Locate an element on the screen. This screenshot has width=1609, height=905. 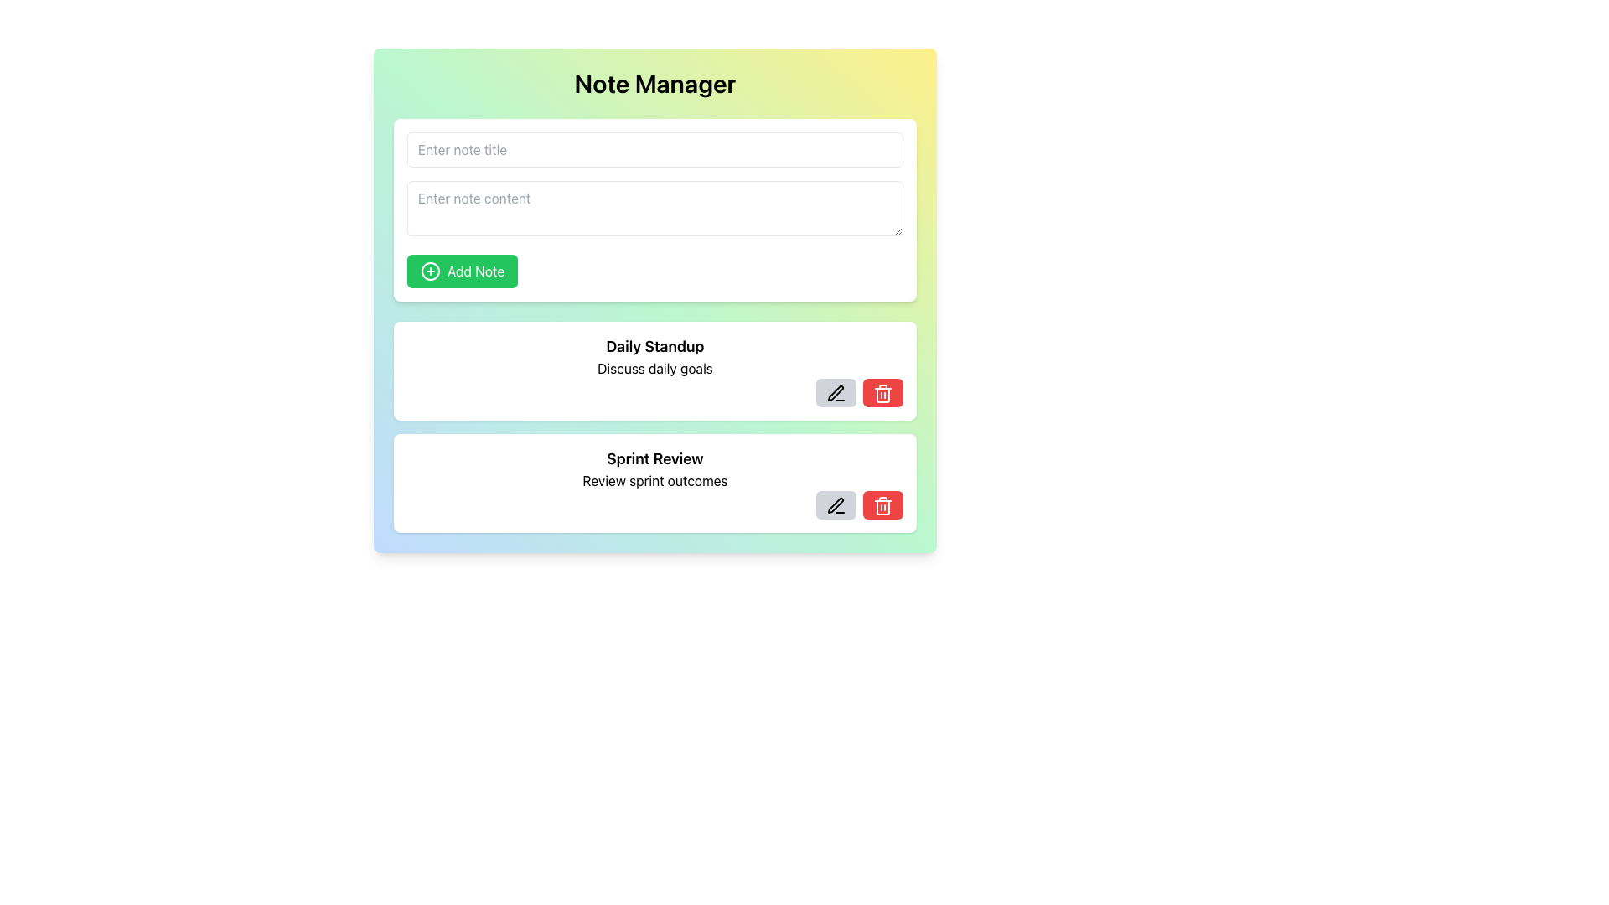
the delete button located in the lower right corner of the 'Daily Standup' note block is located at coordinates (882, 391).